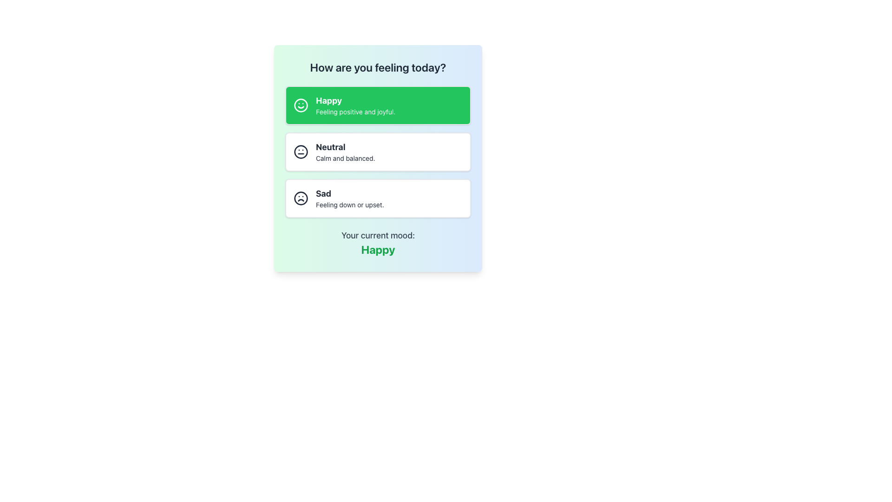 Image resolution: width=892 pixels, height=502 pixels. I want to click on the 'Neutral' mood selection card, which is positioned between the 'Happy' and 'Sad' mood cards in the vertical list, so click(378, 152).